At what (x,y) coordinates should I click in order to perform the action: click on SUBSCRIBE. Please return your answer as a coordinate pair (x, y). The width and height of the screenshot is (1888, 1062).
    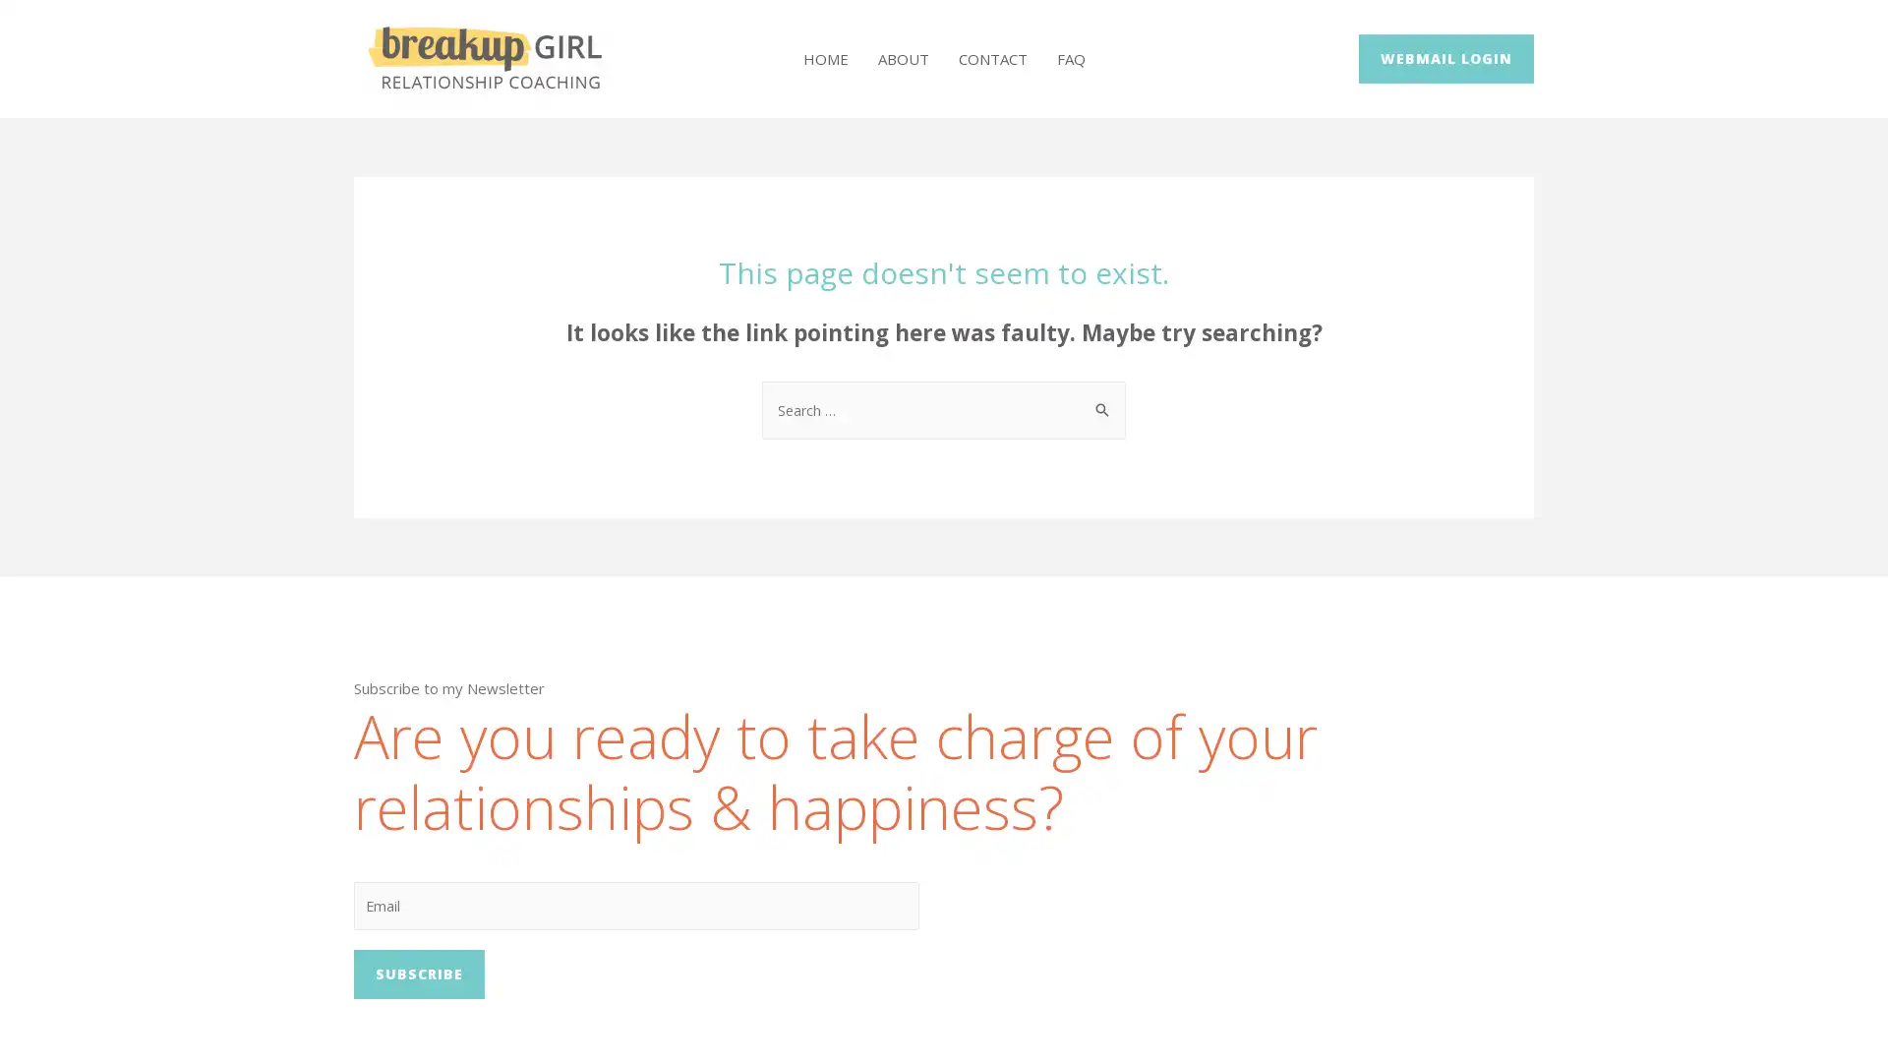
    Looking at the image, I should click on (418, 977).